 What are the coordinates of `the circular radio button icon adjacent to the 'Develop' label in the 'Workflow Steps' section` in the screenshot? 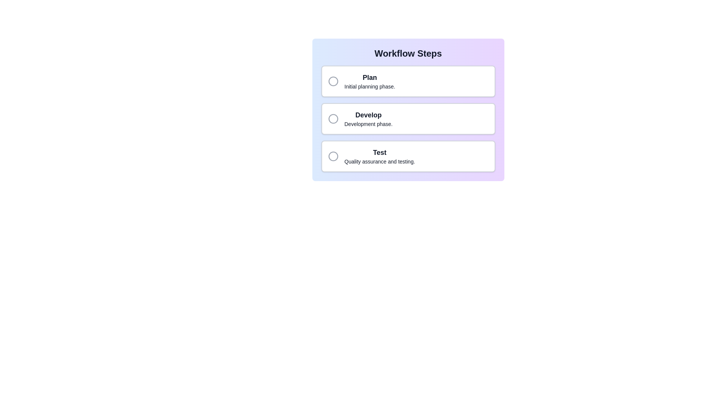 It's located at (333, 118).